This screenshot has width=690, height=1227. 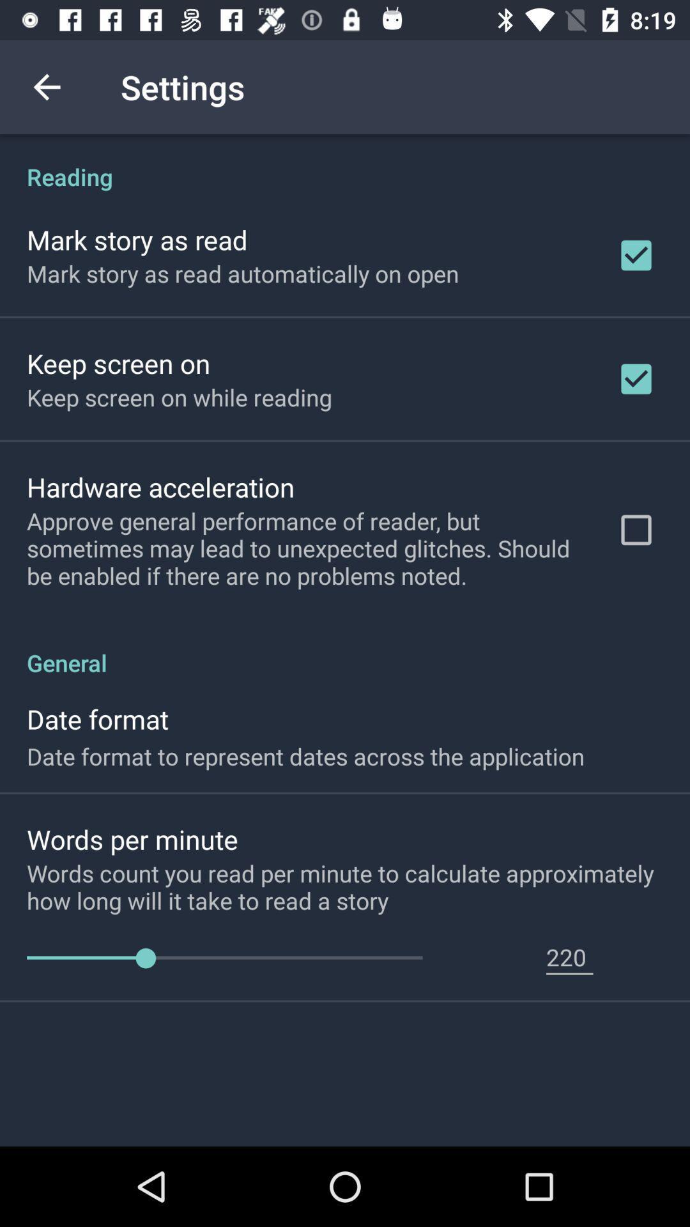 What do you see at coordinates (46, 86) in the screenshot?
I see `icon to the left of the settings icon` at bounding box center [46, 86].